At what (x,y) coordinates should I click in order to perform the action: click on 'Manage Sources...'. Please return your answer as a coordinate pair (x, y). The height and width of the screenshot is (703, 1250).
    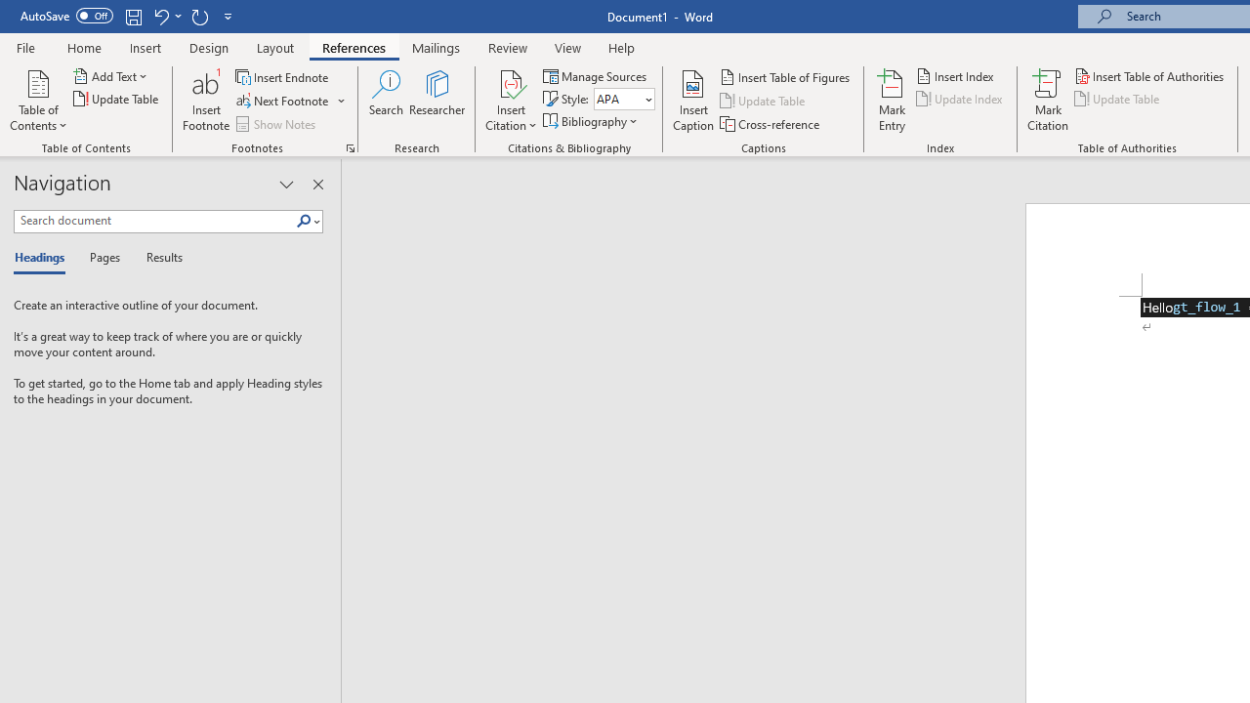
    Looking at the image, I should click on (596, 75).